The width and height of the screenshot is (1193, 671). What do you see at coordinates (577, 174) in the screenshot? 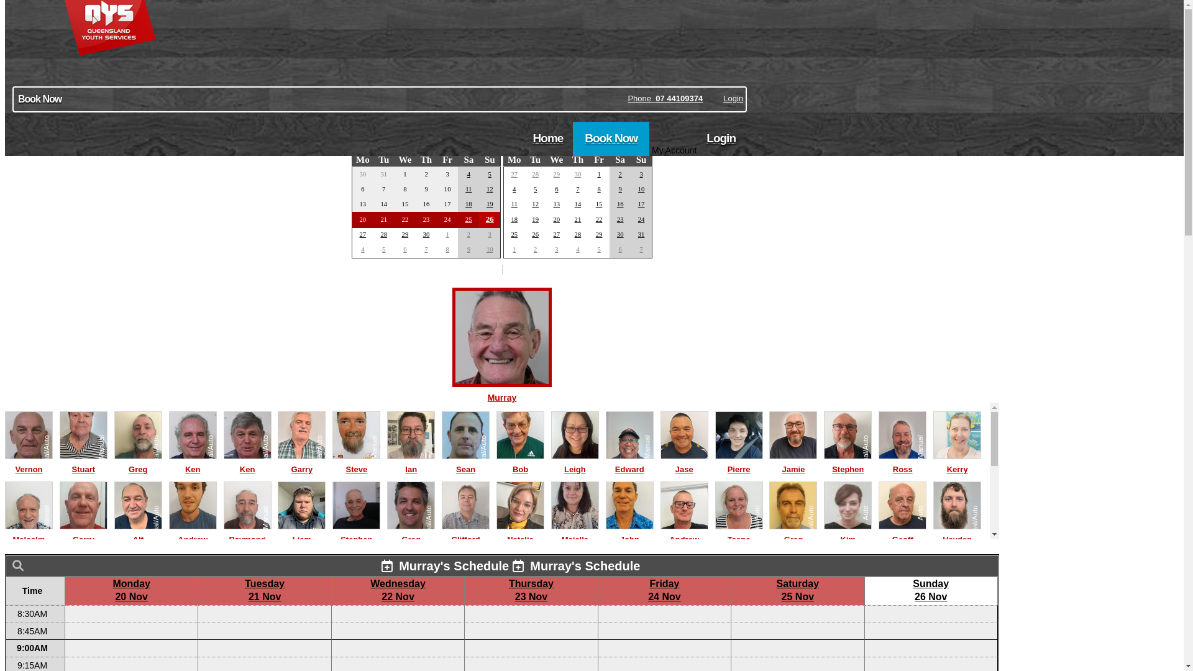
I see `'30'` at bounding box center [577, 174].